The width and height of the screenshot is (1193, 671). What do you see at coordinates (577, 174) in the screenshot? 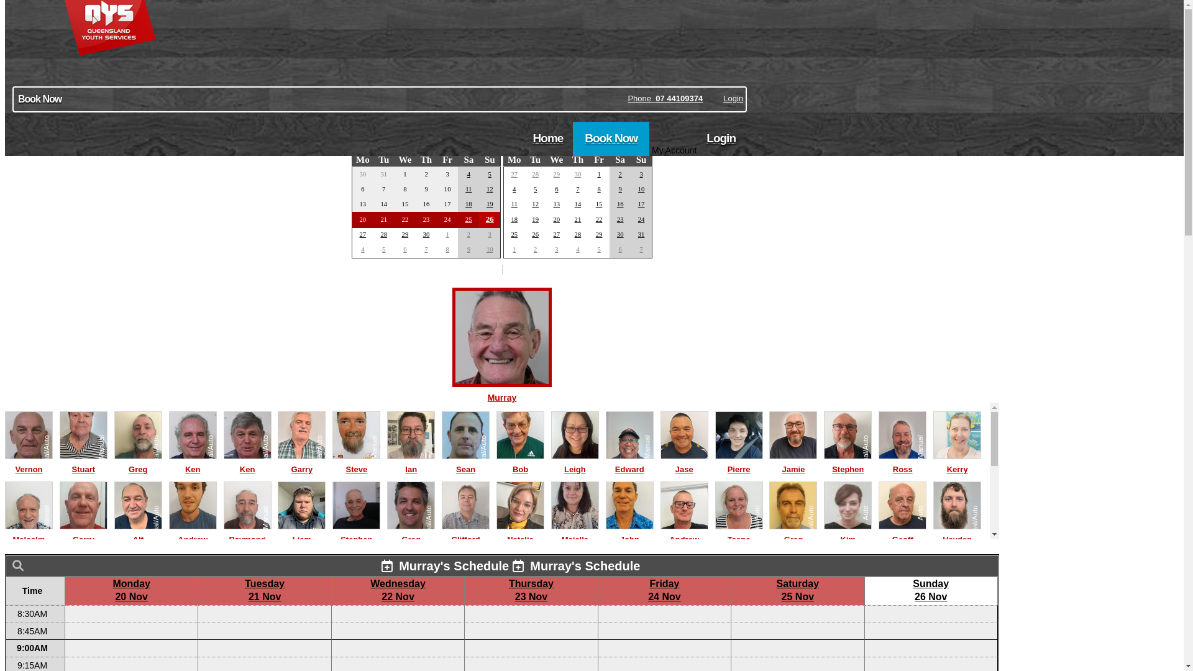
I see `'30'` at bounding box center [577, 174].